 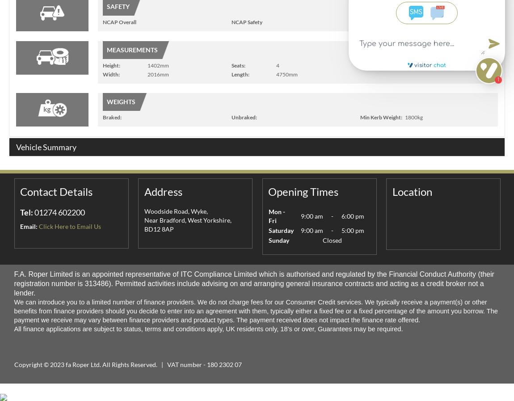 What do you see at coordinates (268, 240) in the screenshot?
I see `'Sunday'` at bounding box center [268, 240].